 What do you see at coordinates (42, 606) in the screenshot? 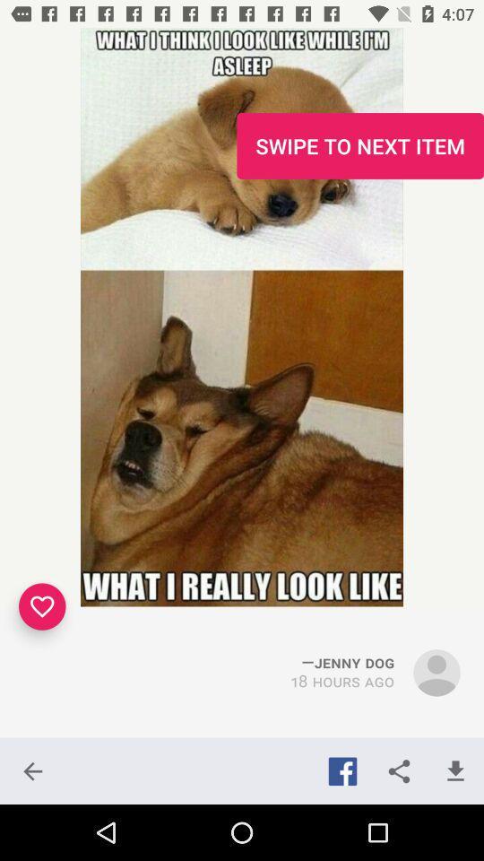
I see `the favorite icon` at bounding box center [42, 606].